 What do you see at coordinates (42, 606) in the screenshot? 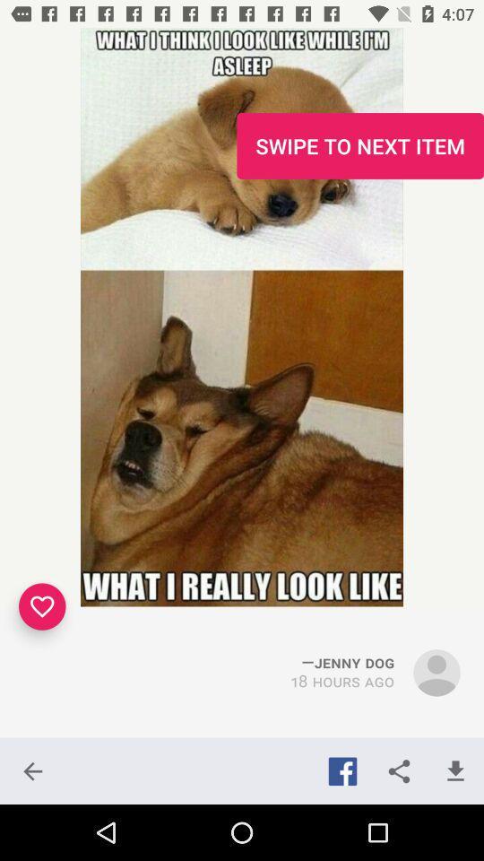
I see `the favorite icon` at bounding box center [42, 606].